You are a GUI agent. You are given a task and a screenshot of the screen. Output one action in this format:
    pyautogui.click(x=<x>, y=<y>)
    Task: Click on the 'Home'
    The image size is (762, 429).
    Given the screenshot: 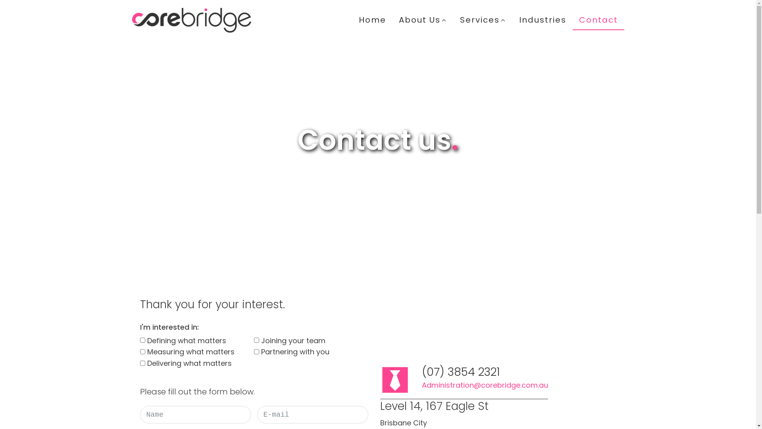 What is the action you would take?
    pyautogui.click(x=372, y=19)
    